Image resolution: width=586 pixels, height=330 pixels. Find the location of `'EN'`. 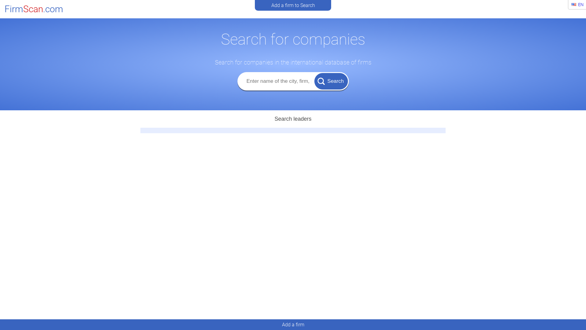

'EN' is located at coordinates (577, 5).